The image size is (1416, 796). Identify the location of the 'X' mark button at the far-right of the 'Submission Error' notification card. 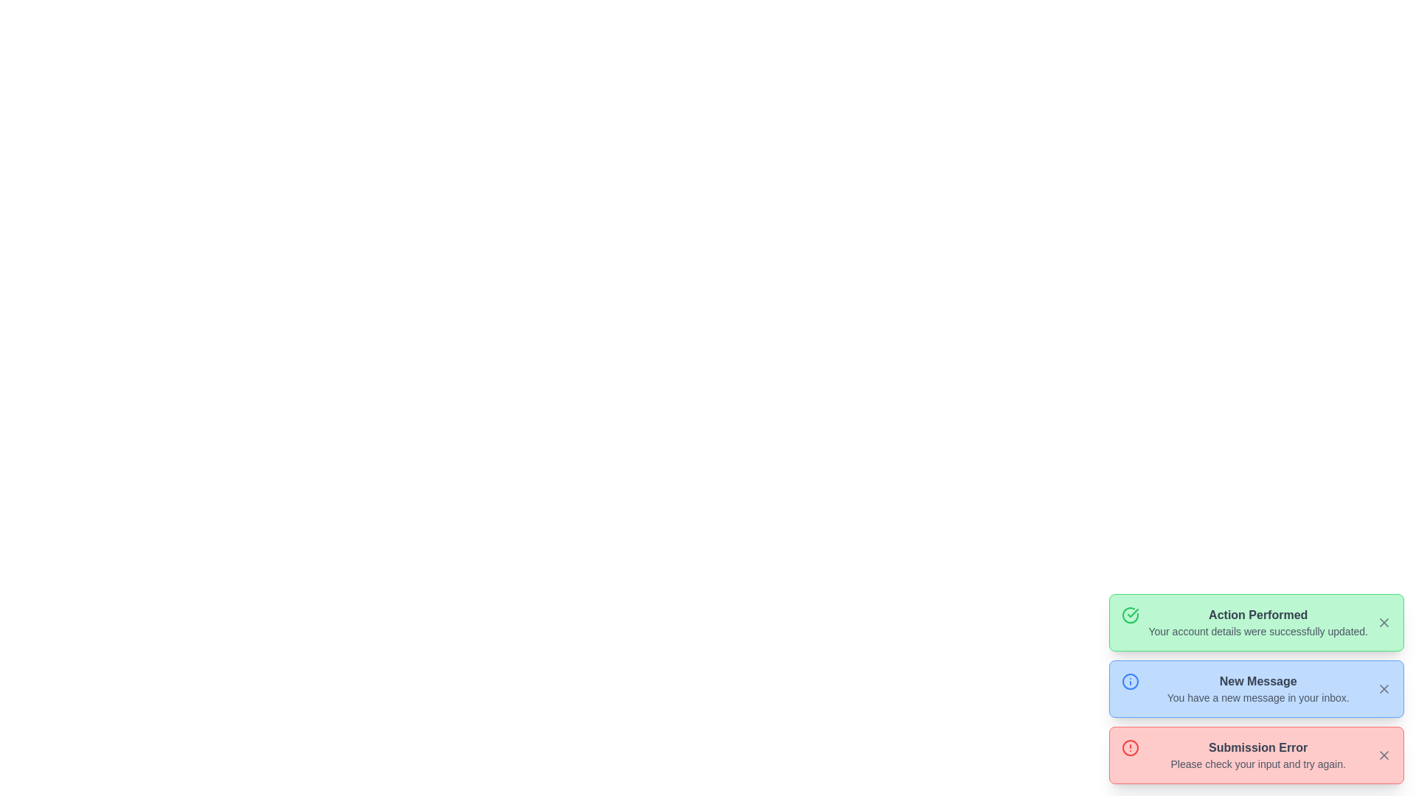
(1383, 755).